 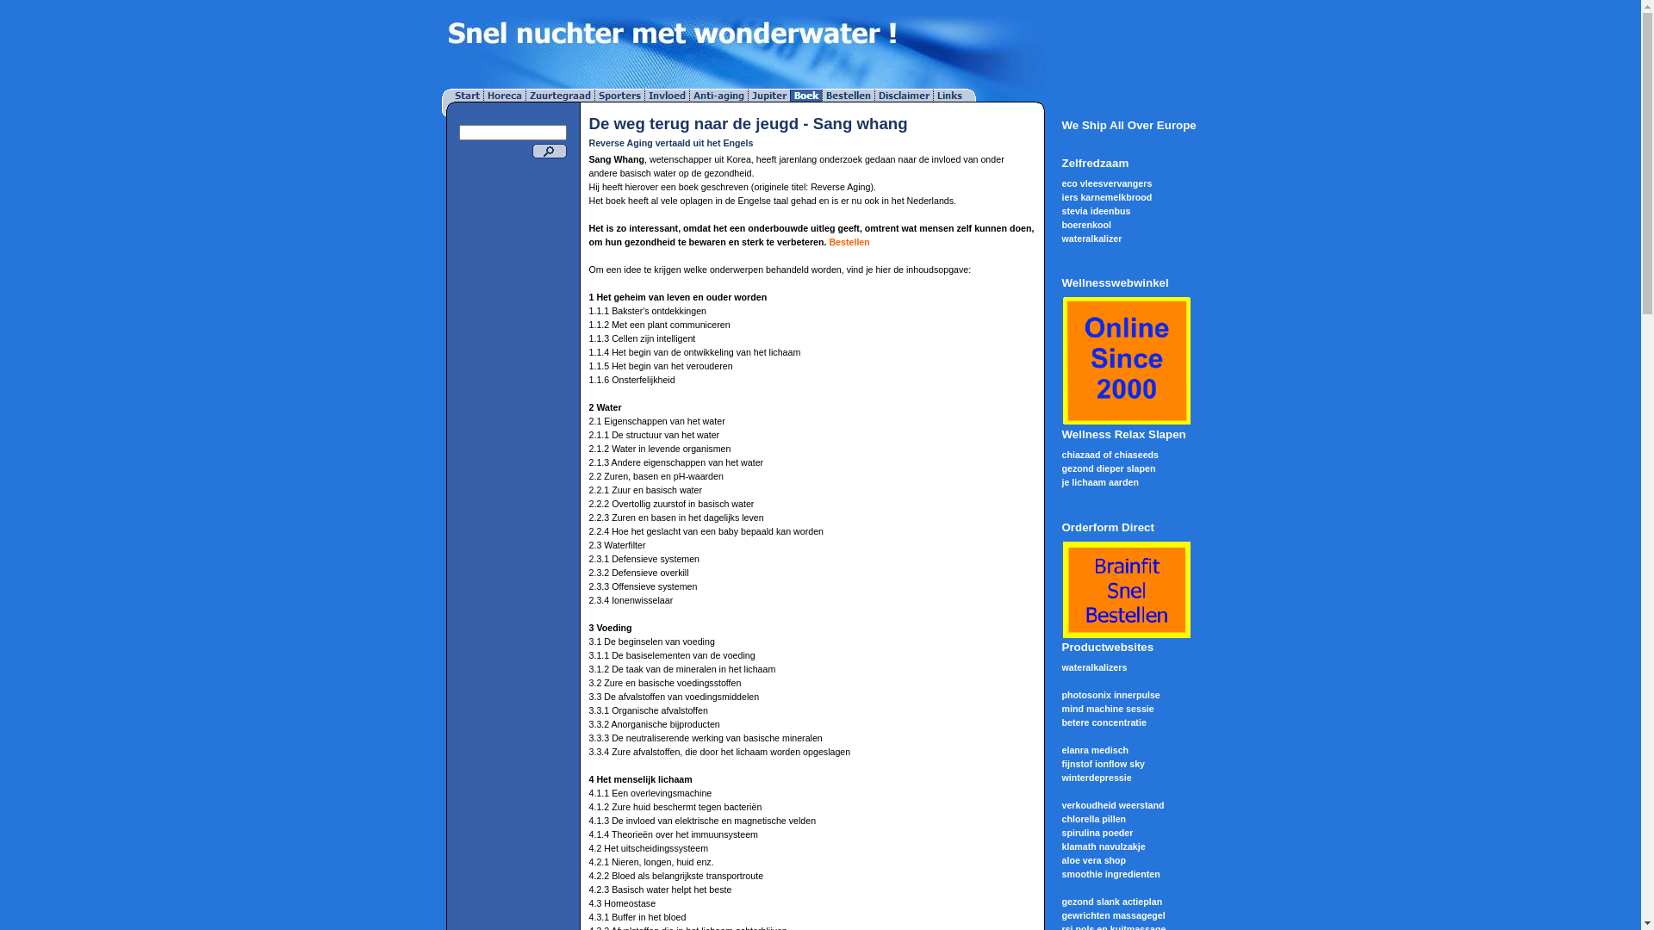 What do you see at coordinates (1085, 224) in the screenshot?
I see `'boerenkool'` at bounding box center [1085, 224].